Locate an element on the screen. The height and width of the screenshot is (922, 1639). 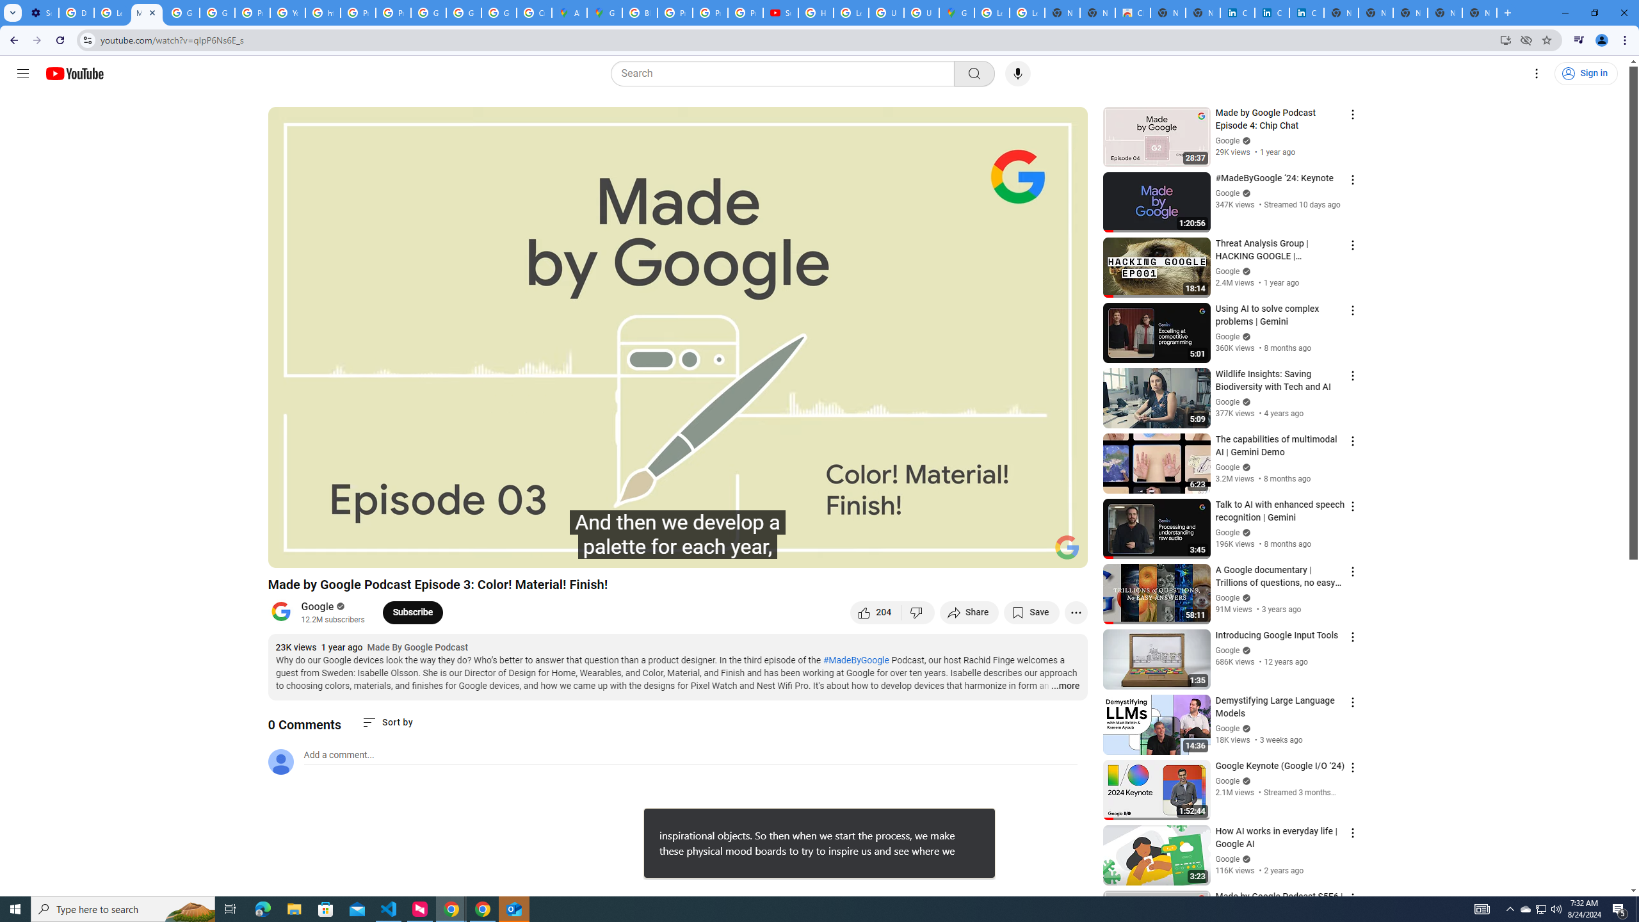
'Install YouTube' is located at coordinates (1505, 39).